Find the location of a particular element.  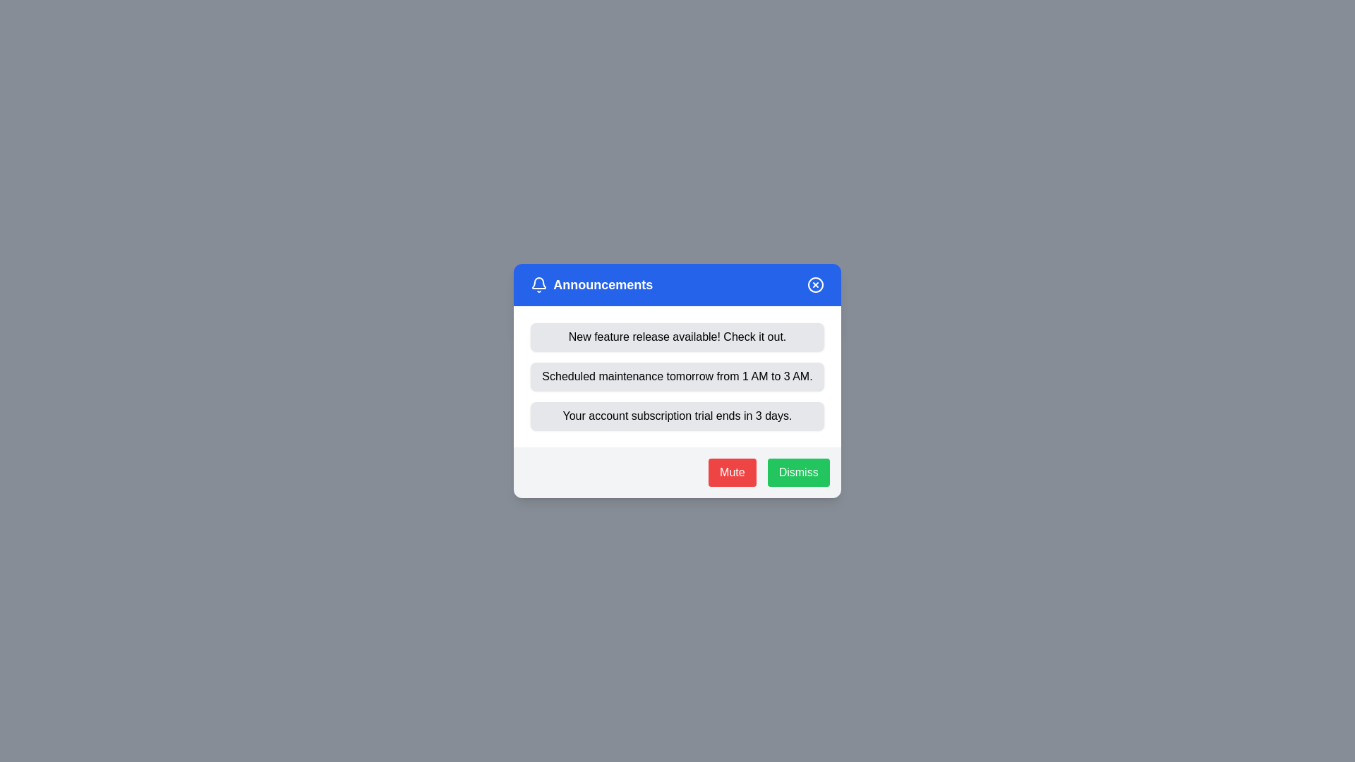

the 'Mute' button to mute notifications is located at coordinates (732, 473).